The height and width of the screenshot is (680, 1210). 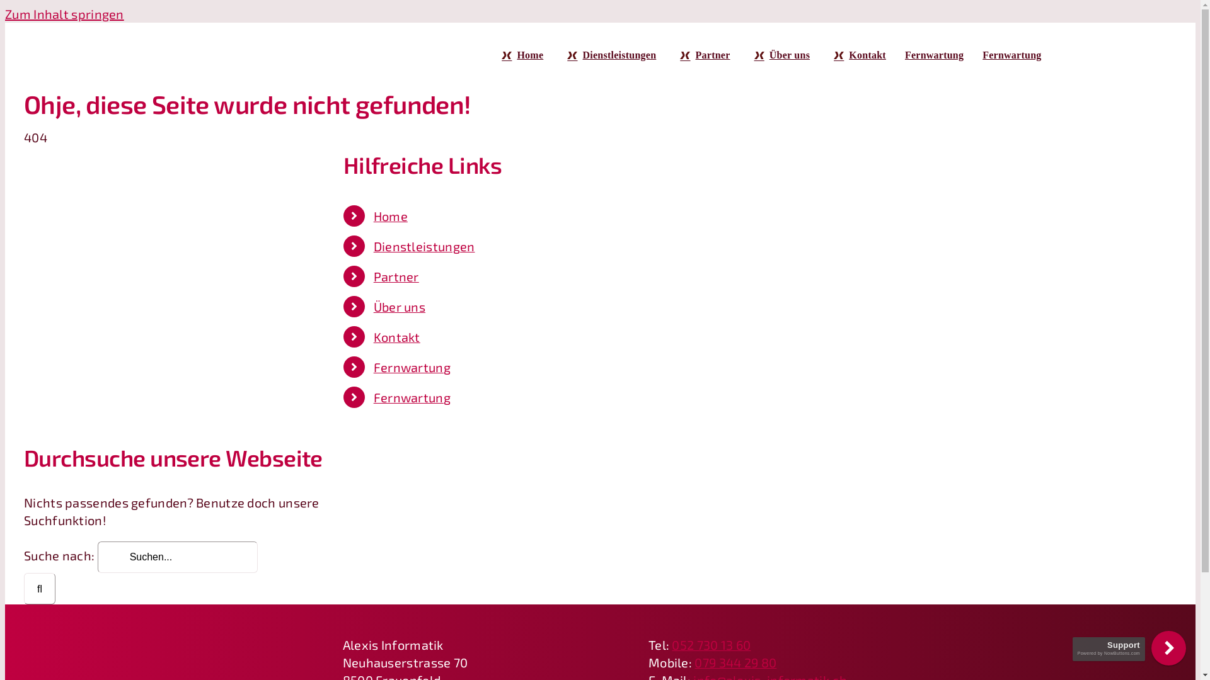 I want to click on 'Zum Inhalt springen', so click(x=64, y=14).